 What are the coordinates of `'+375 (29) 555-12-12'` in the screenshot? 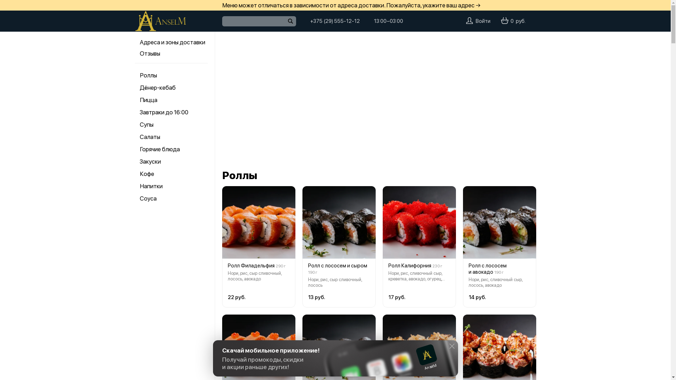 It's located at (334, 21).